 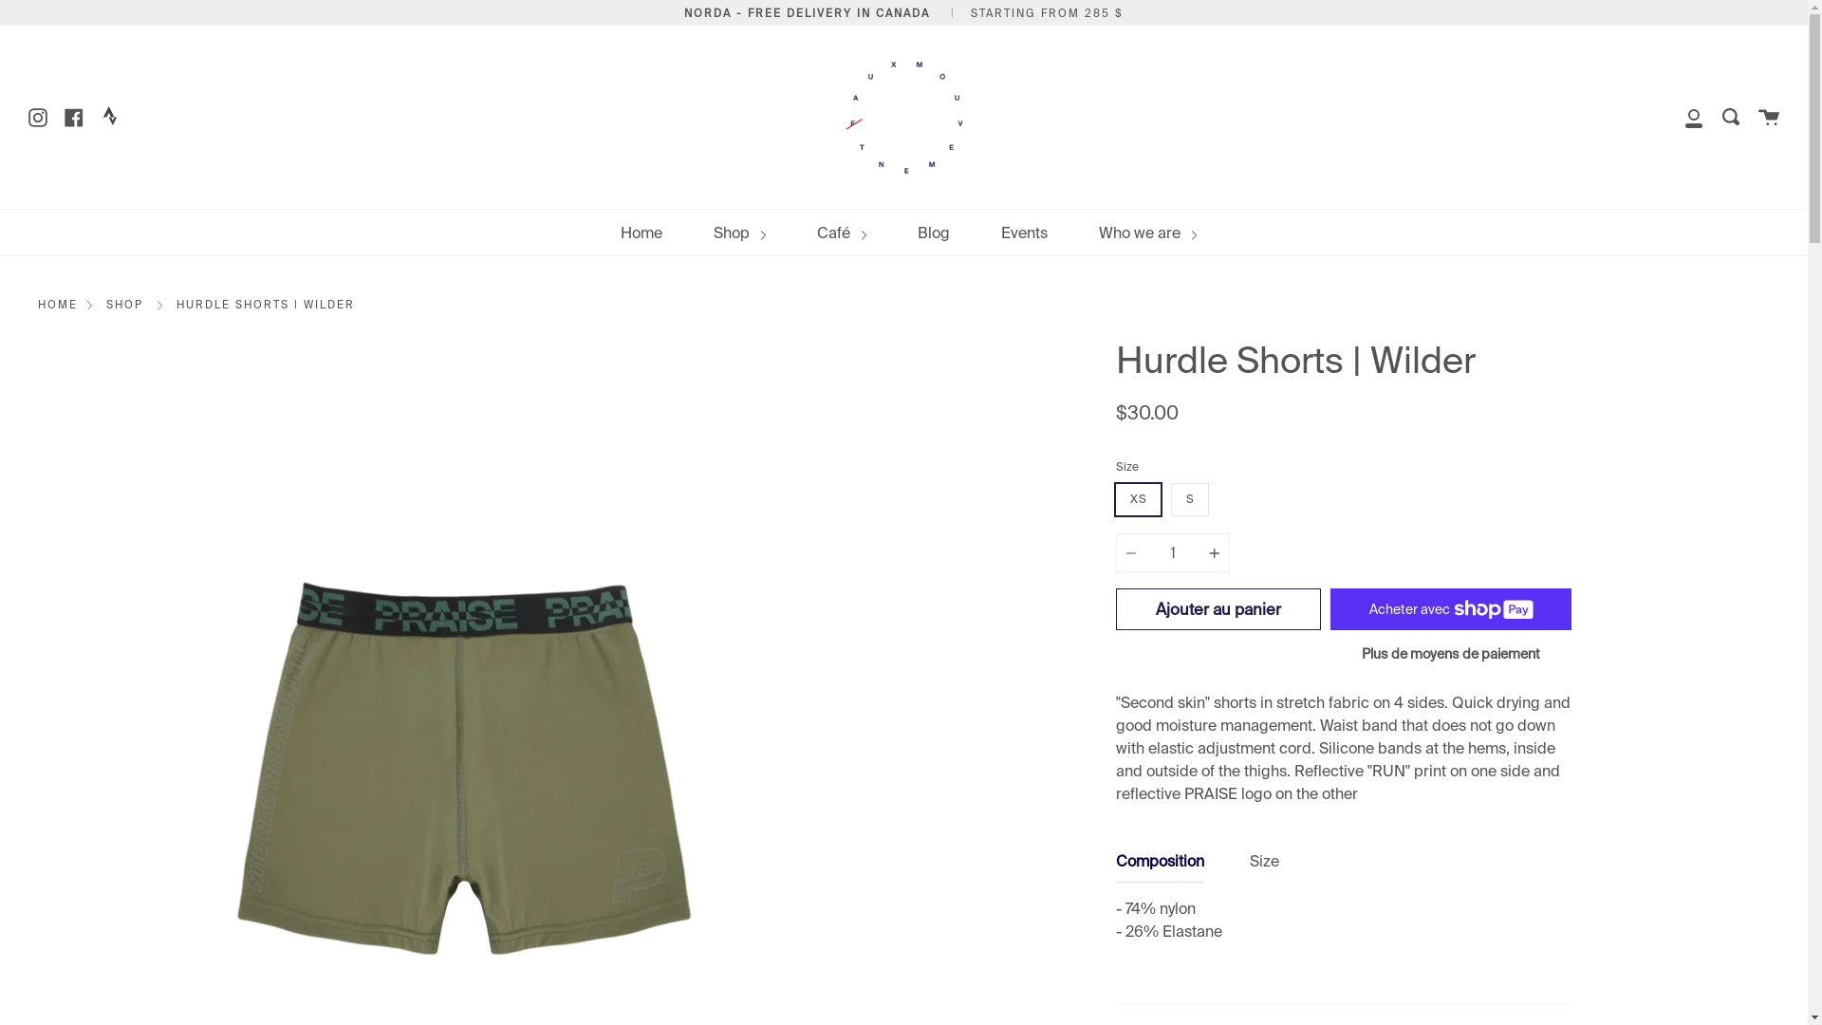 What do you see at coordinates (1329, 653) in the screenshot?
I see `'Plus de moyens de paiement'` at bounding box center [1329, 653].